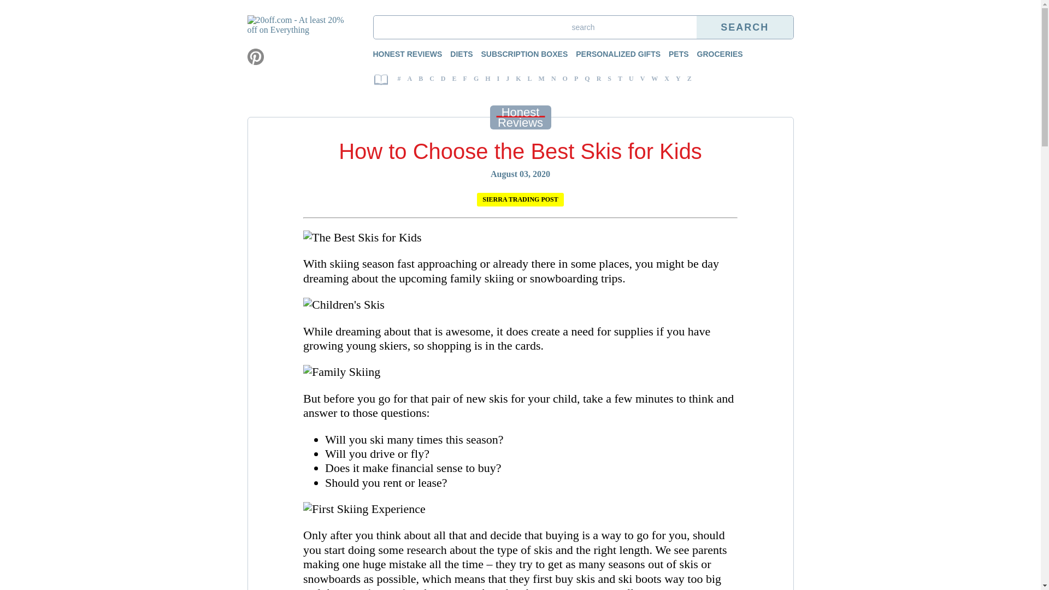 Image resolution: width=1049 pixels, height=590 pixels. I want to click on 'Z', so click(687, 78).